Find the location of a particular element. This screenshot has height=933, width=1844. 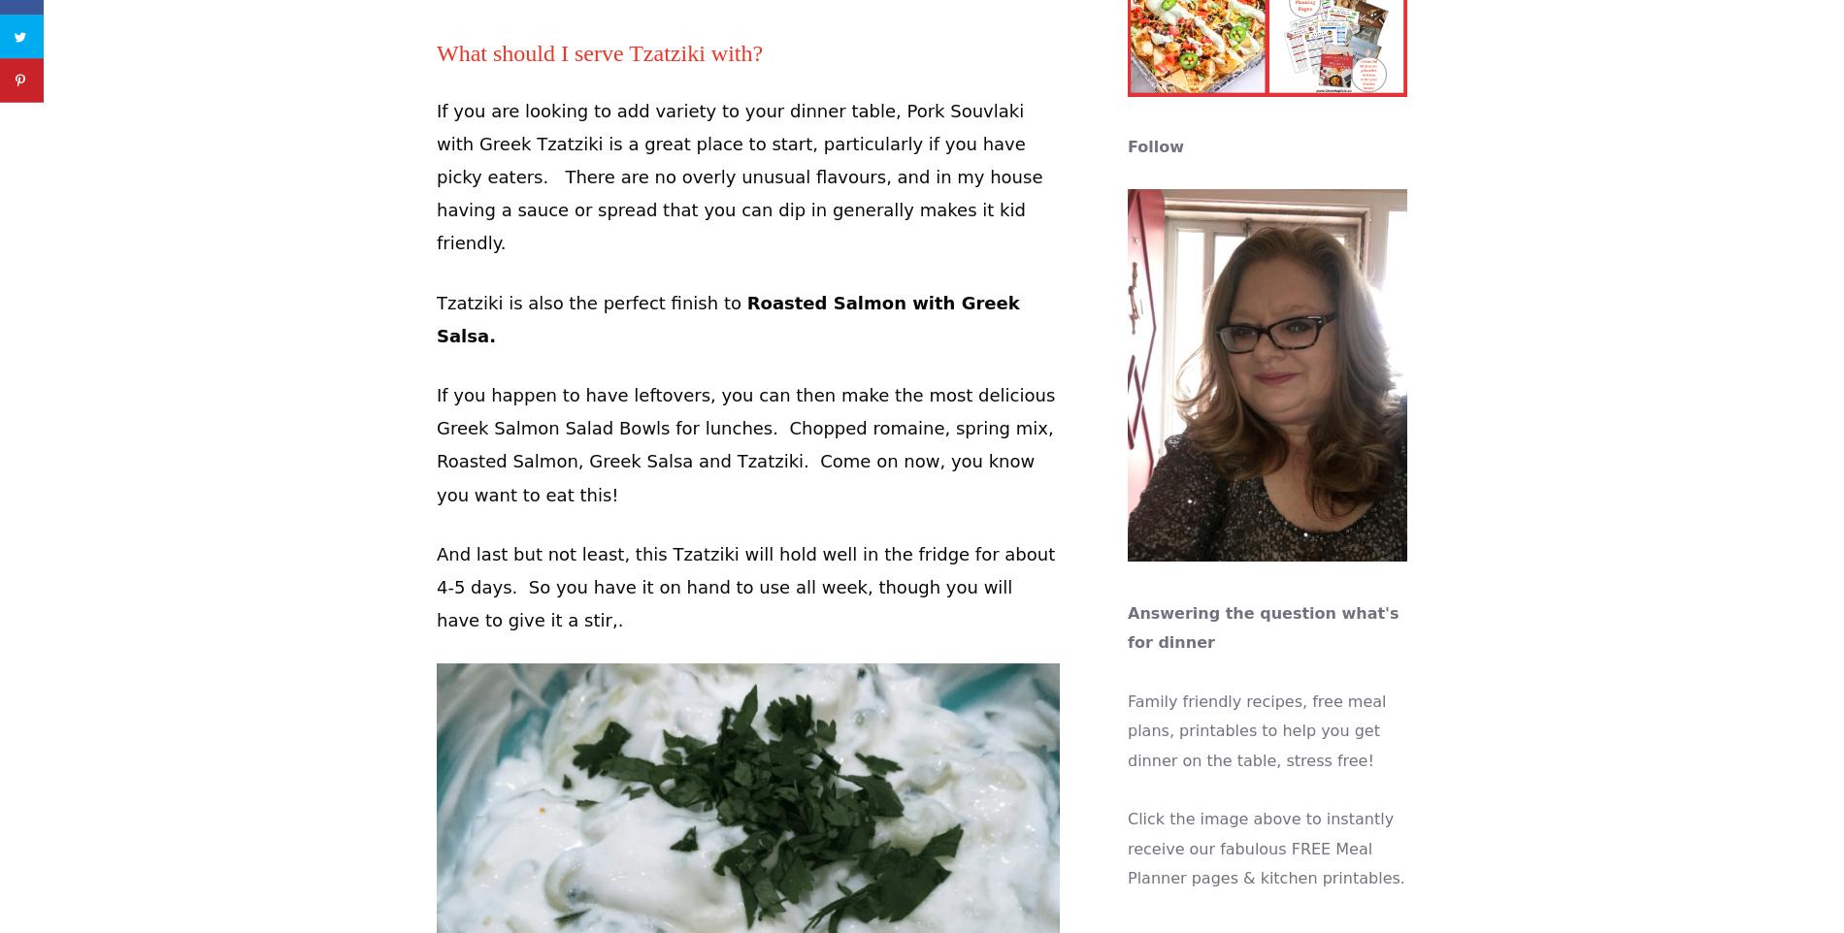

'And last but not least, this Tzatziki will hold well in the fridge for about 4-5 days.  So you have it on hand to use all week, though you will have to give it a stir,.' is located at coordinates (435, 586).